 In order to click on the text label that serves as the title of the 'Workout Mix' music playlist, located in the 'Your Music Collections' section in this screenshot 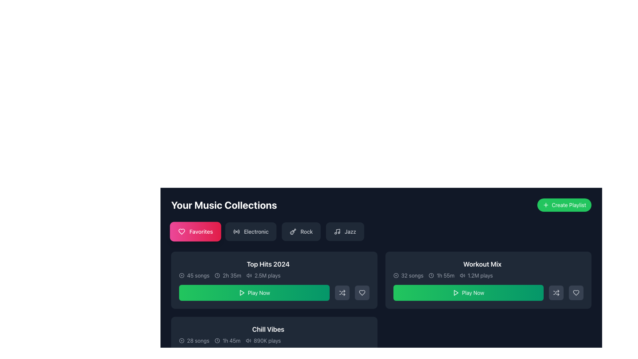, I will do `click(482, 264)`.